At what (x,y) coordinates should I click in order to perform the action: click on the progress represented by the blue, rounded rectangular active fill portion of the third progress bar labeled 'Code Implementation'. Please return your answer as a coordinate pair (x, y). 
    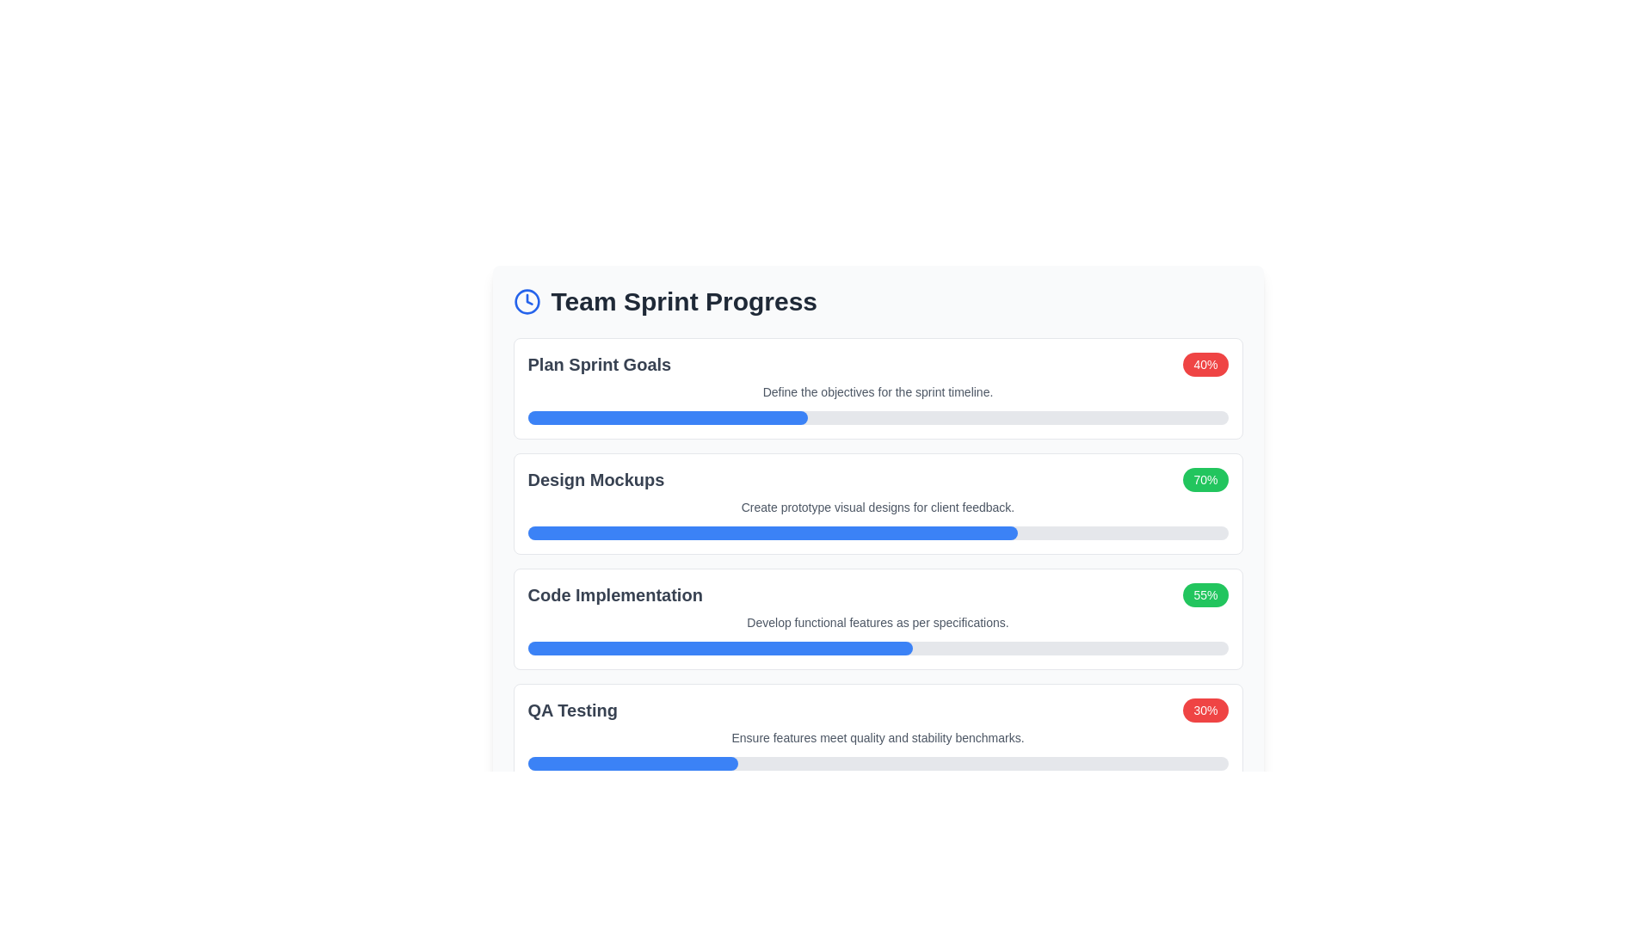
    Looking at the image, I should click on (720, 648).